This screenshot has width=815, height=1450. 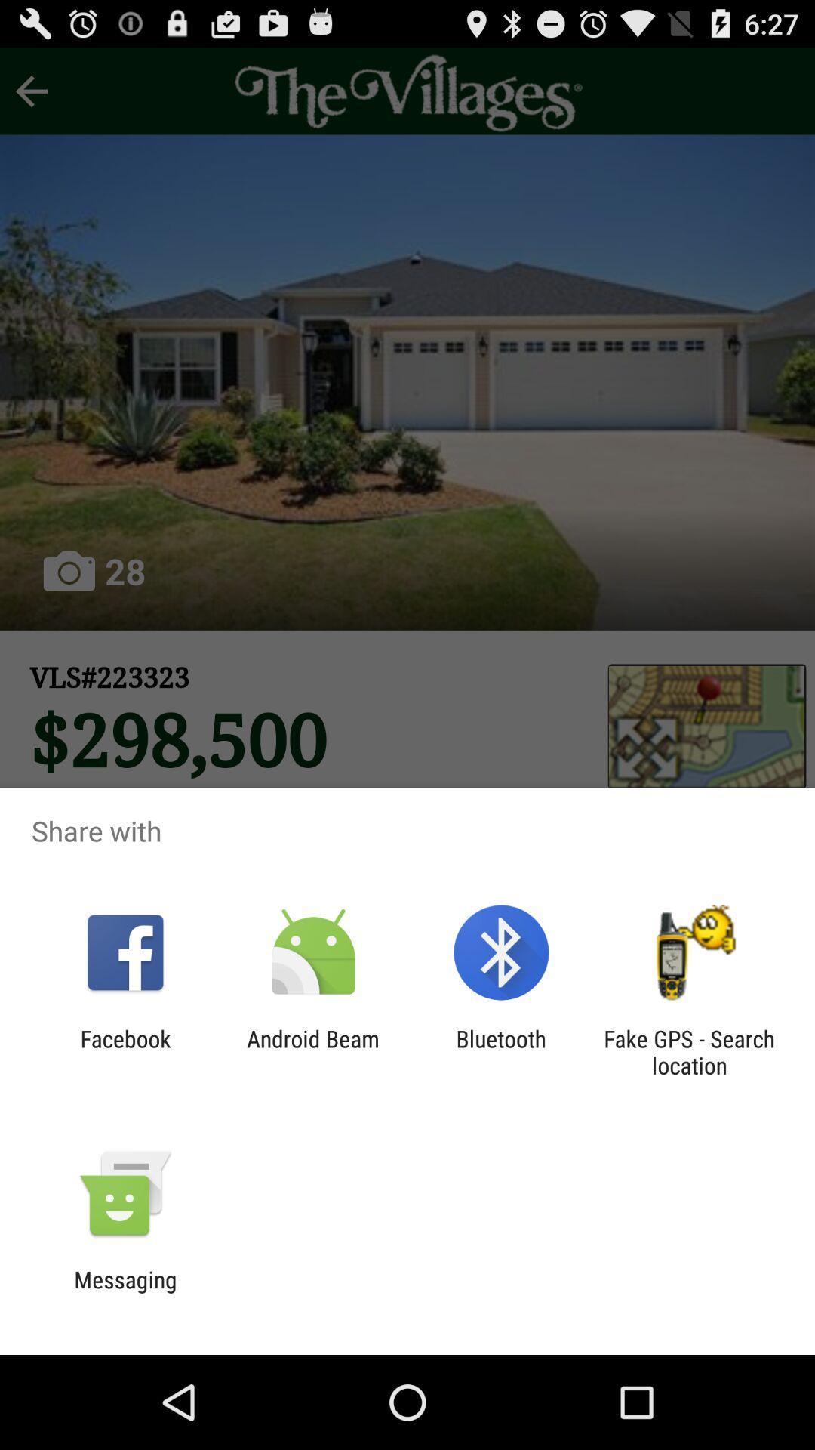 What do you see at coordinates (689, 1051) in the screenshot?
I see `the icon at the bottom right corner` at bounding box center [689, 1051].